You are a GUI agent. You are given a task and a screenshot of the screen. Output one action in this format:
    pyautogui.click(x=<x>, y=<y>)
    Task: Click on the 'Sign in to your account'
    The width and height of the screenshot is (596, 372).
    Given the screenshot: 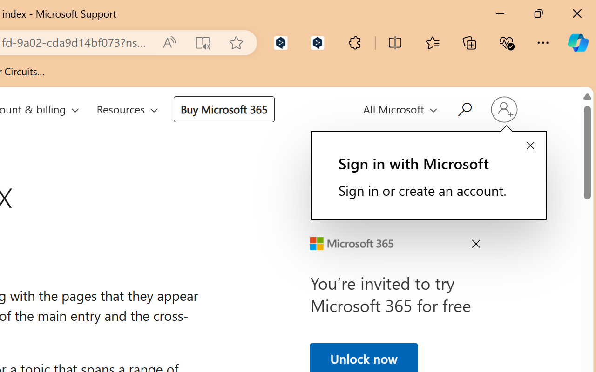 What is the action you would take?
    pyautogui.click(x=503, y=109)
    